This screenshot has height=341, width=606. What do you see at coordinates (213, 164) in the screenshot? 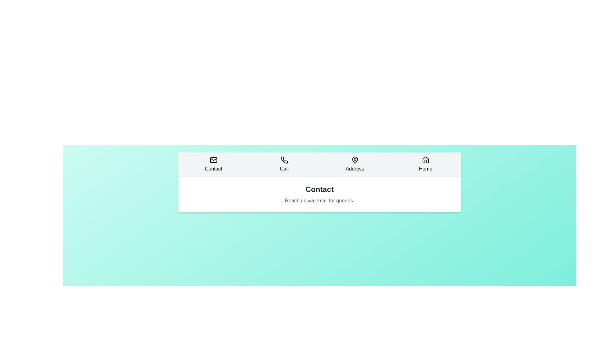
I see `the tab labeled Contact` at bounding box center [213, 164].